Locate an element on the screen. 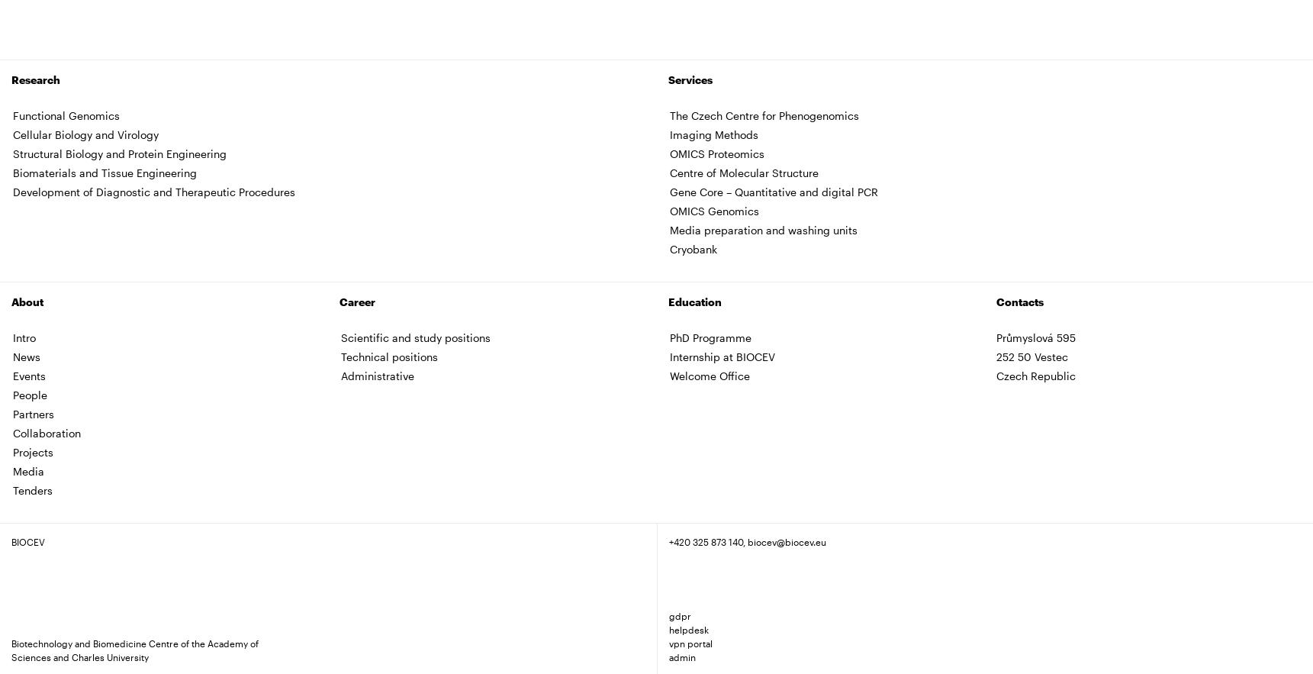 The width and height of the screenshot is (1313, 674). 'Cellular Biology and Virology' is located at coordinates (12, 133).